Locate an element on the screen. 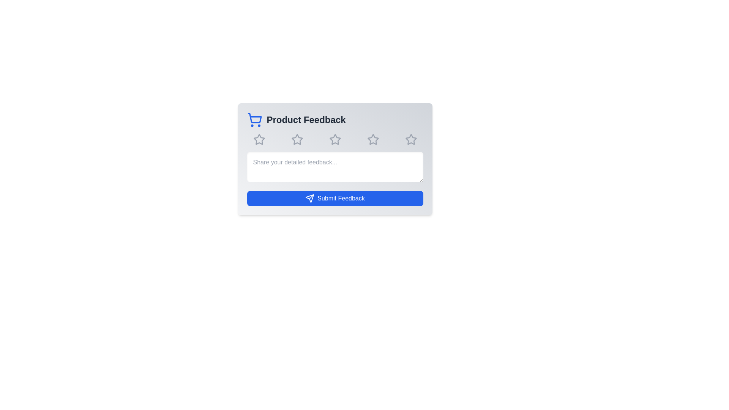 This screenshot has width=729, height=410. the shopping cart icon with a blue outline located on the left side next to the 'Product Feedback' text is located at coordinates (254, 120).